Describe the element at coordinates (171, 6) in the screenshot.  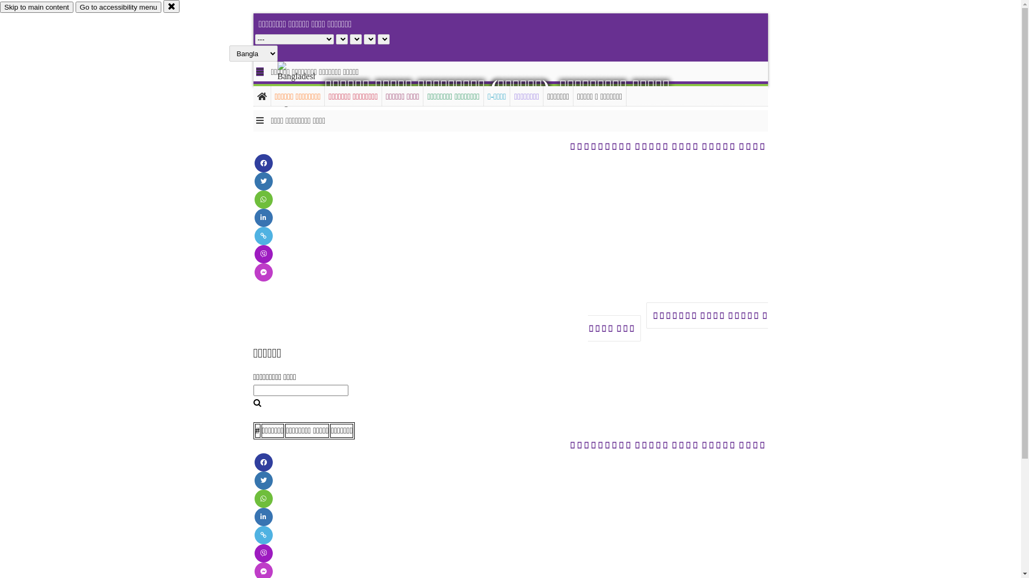
I see `'close'` at that location.